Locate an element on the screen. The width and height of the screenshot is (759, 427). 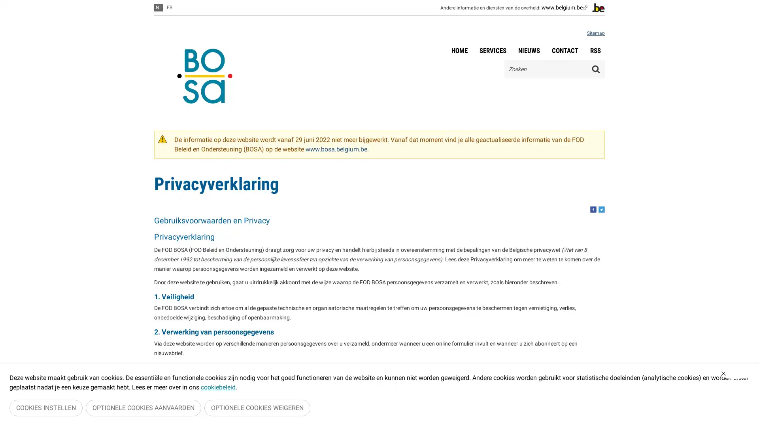
COOKIES INSTELLEN is located at coordinates (45, 409).